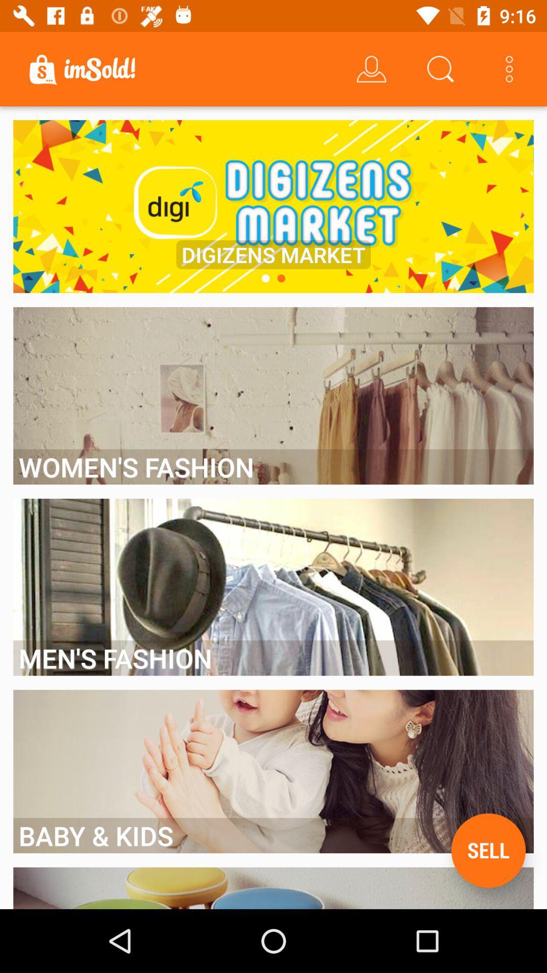 This screenshot has width=547, height=973. Describe the element at coordinates (488, 850) in the screenshot. I see `list item to sell` at that location.